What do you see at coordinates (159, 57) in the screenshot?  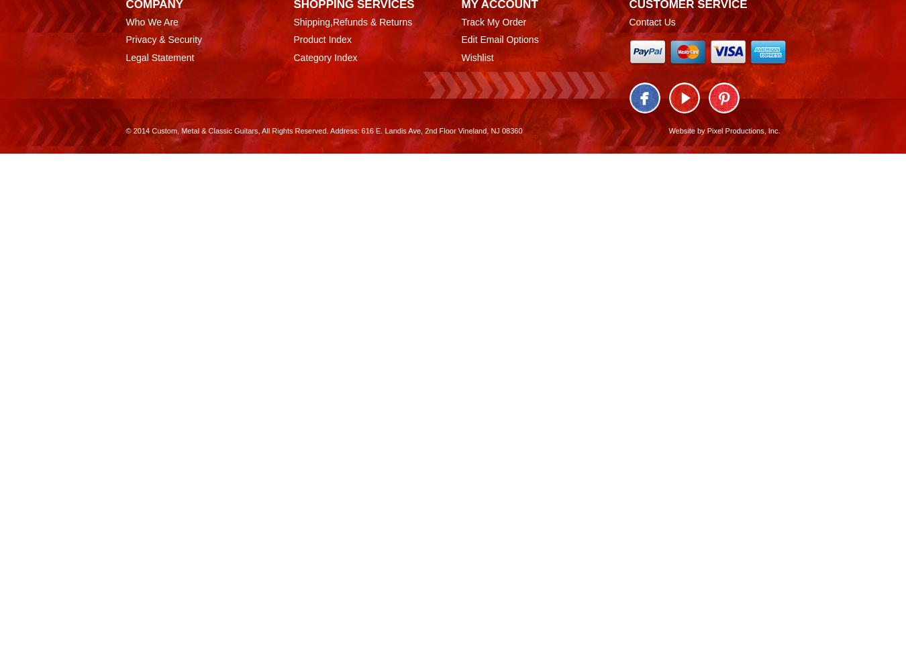 I see `'Legal Statement'` at bounding box center [159, 57].